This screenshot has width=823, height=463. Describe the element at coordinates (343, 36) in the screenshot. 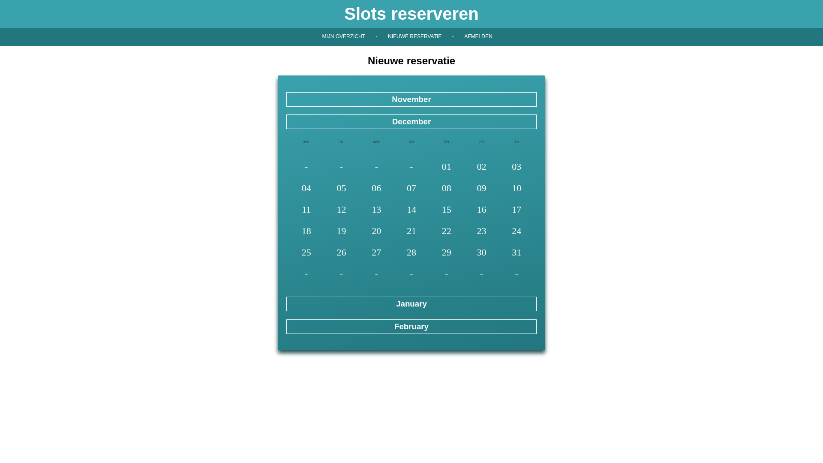

I see `'MIJN OVERZICHT'` at that location.